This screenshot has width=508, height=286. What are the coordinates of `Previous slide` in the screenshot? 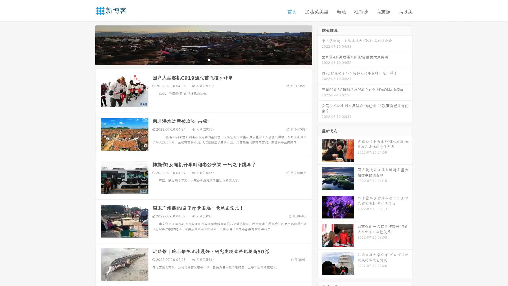 It's located at (87, 44).